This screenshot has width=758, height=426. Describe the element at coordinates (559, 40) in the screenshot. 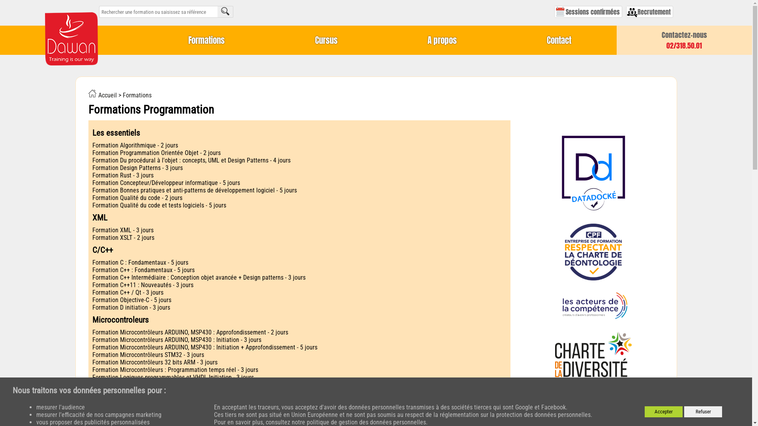

I see `'Contact'` at that location.